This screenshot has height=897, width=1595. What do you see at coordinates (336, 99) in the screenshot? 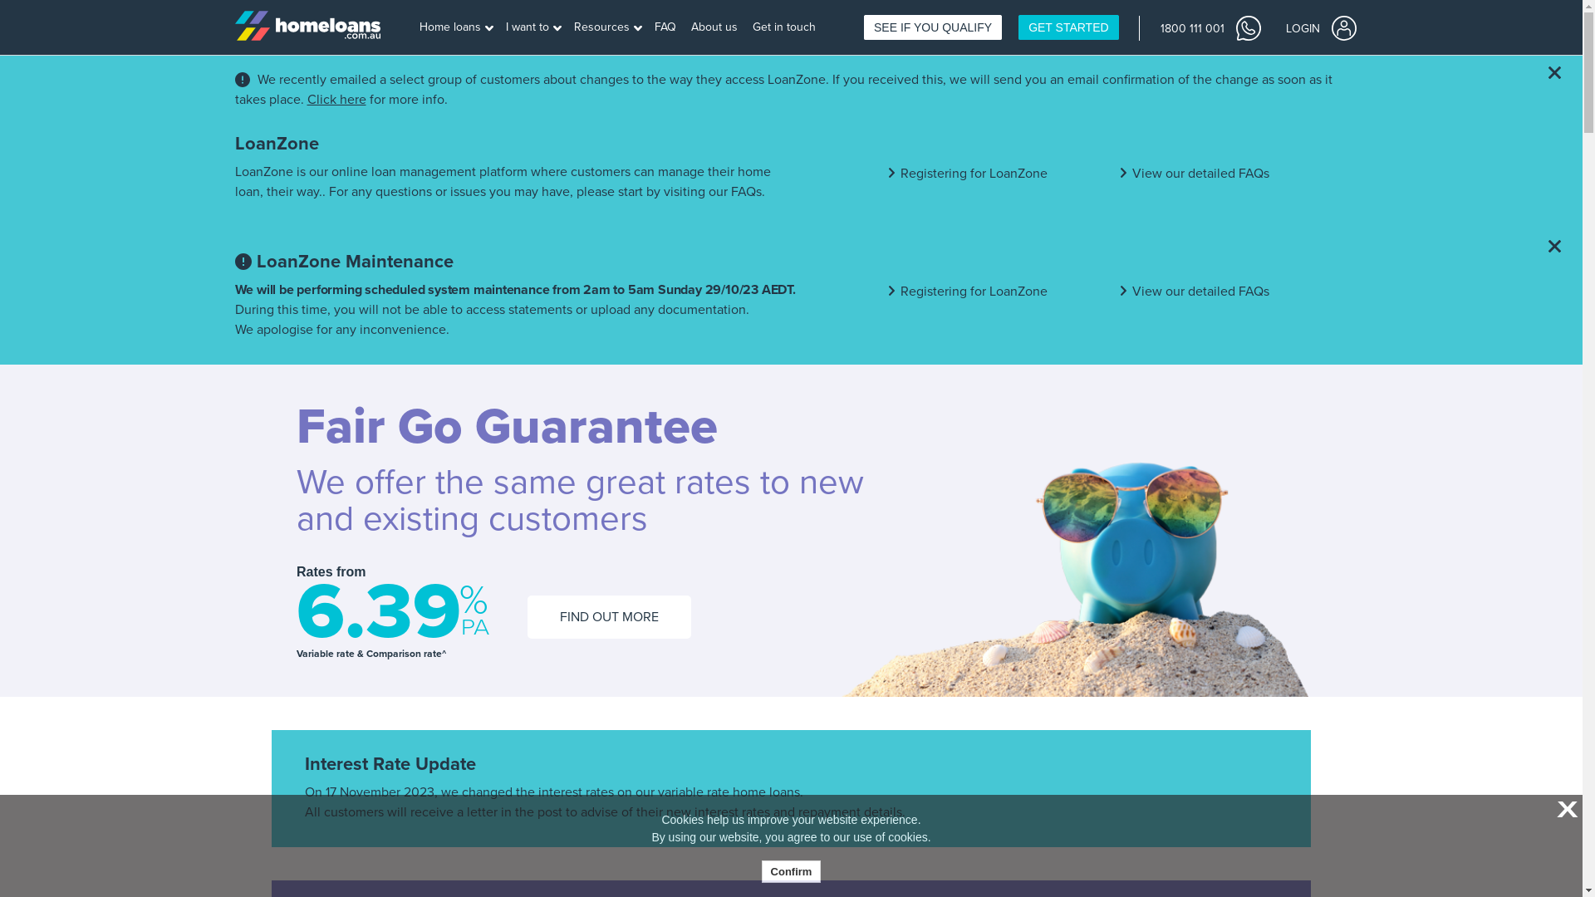
I see `'Click here'` at bounding box center [336, 99].